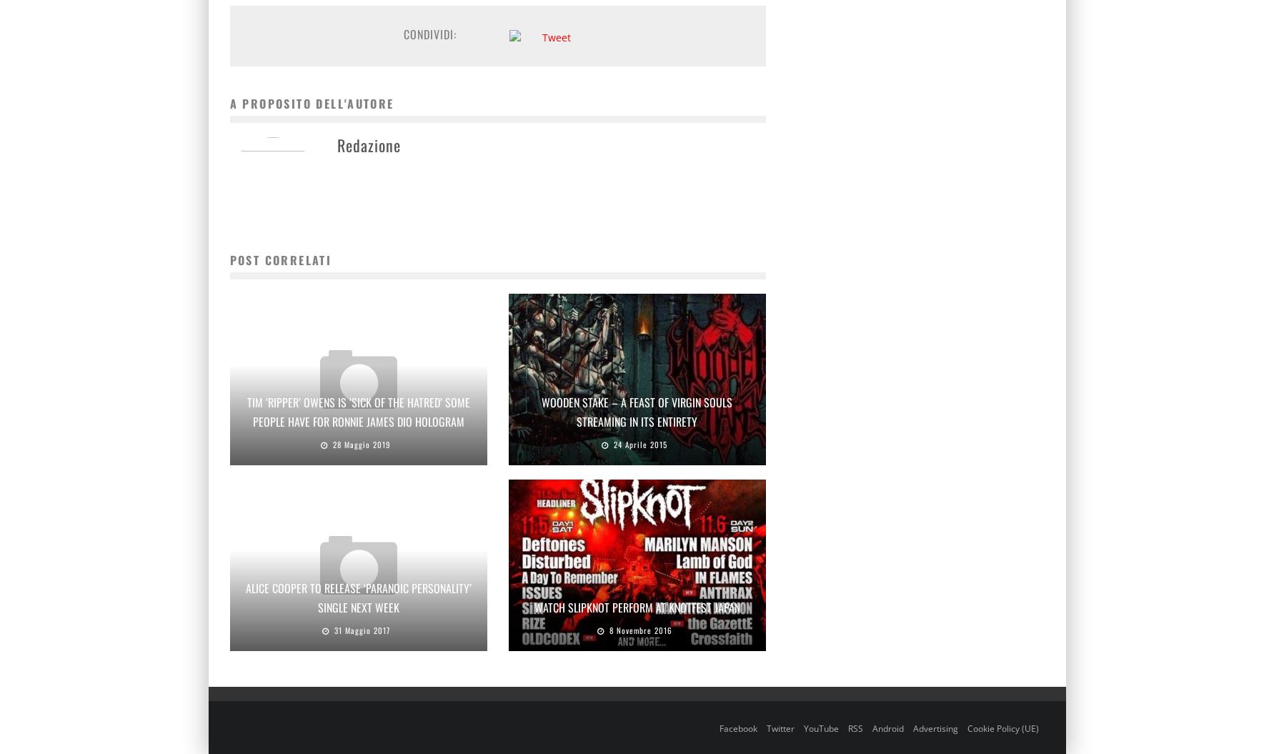 Image resolution: width=1274 pixels, height=754 pixels. Describe the element at coordinates (429, 33) in the screenshot. I see `'Condividi:'` at that location.